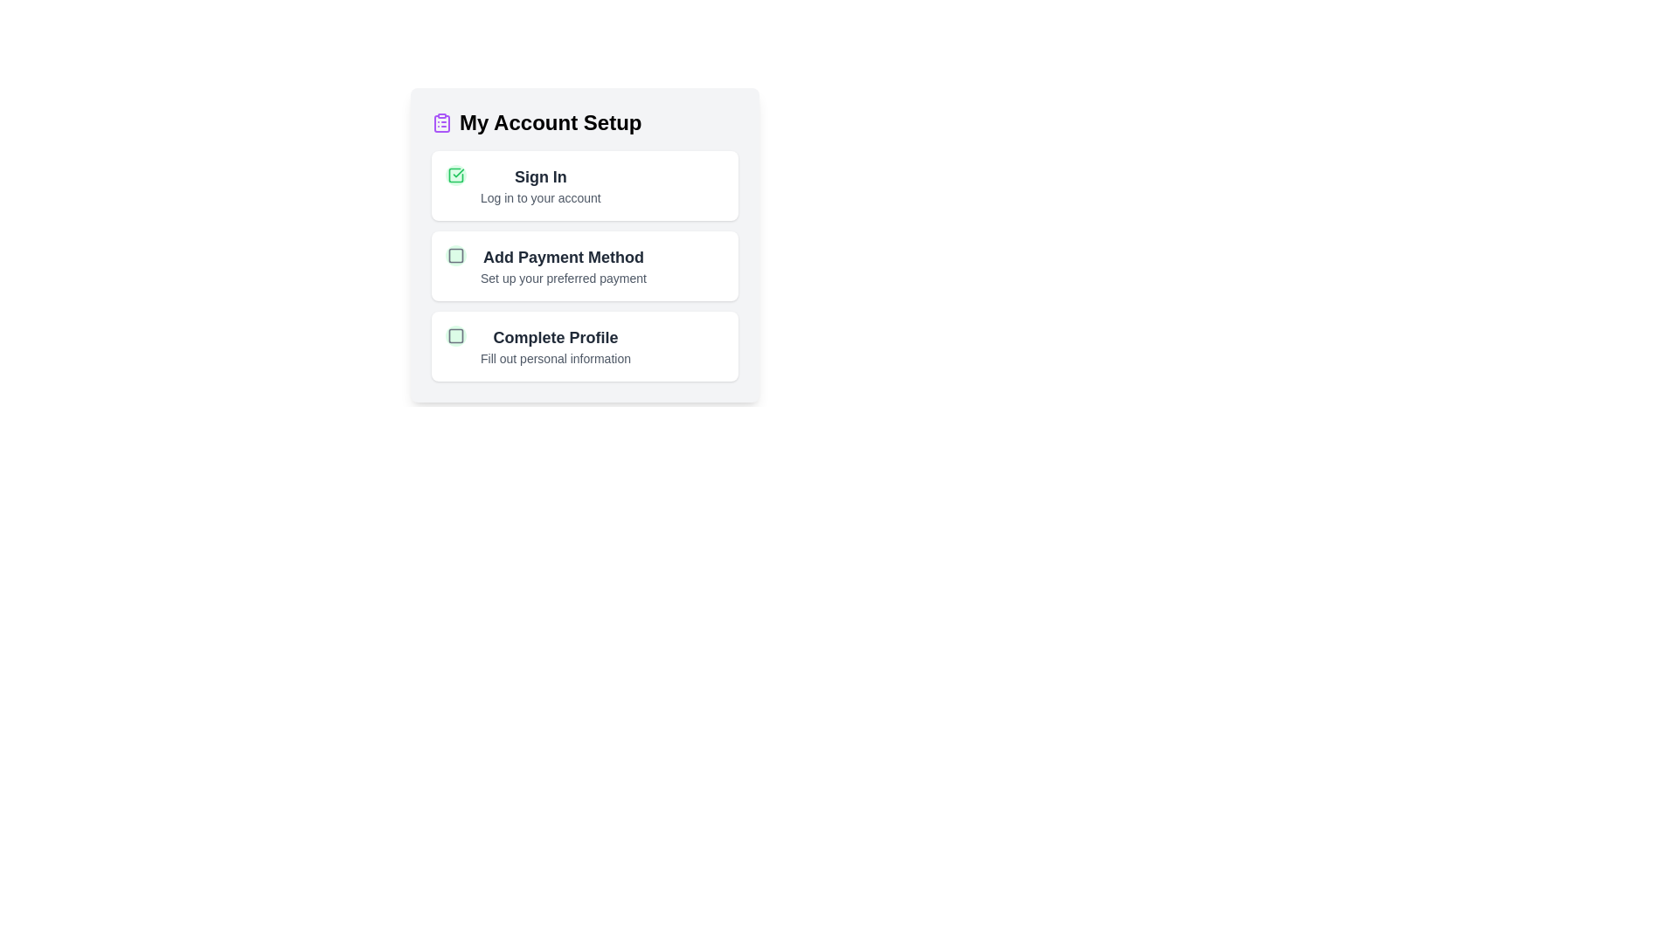  What do you see at coordinates (585, 265) in the screenshot?
I see `the task titled 'Add Payment Method' to view its hover effect` at bounding box center [585, 265].